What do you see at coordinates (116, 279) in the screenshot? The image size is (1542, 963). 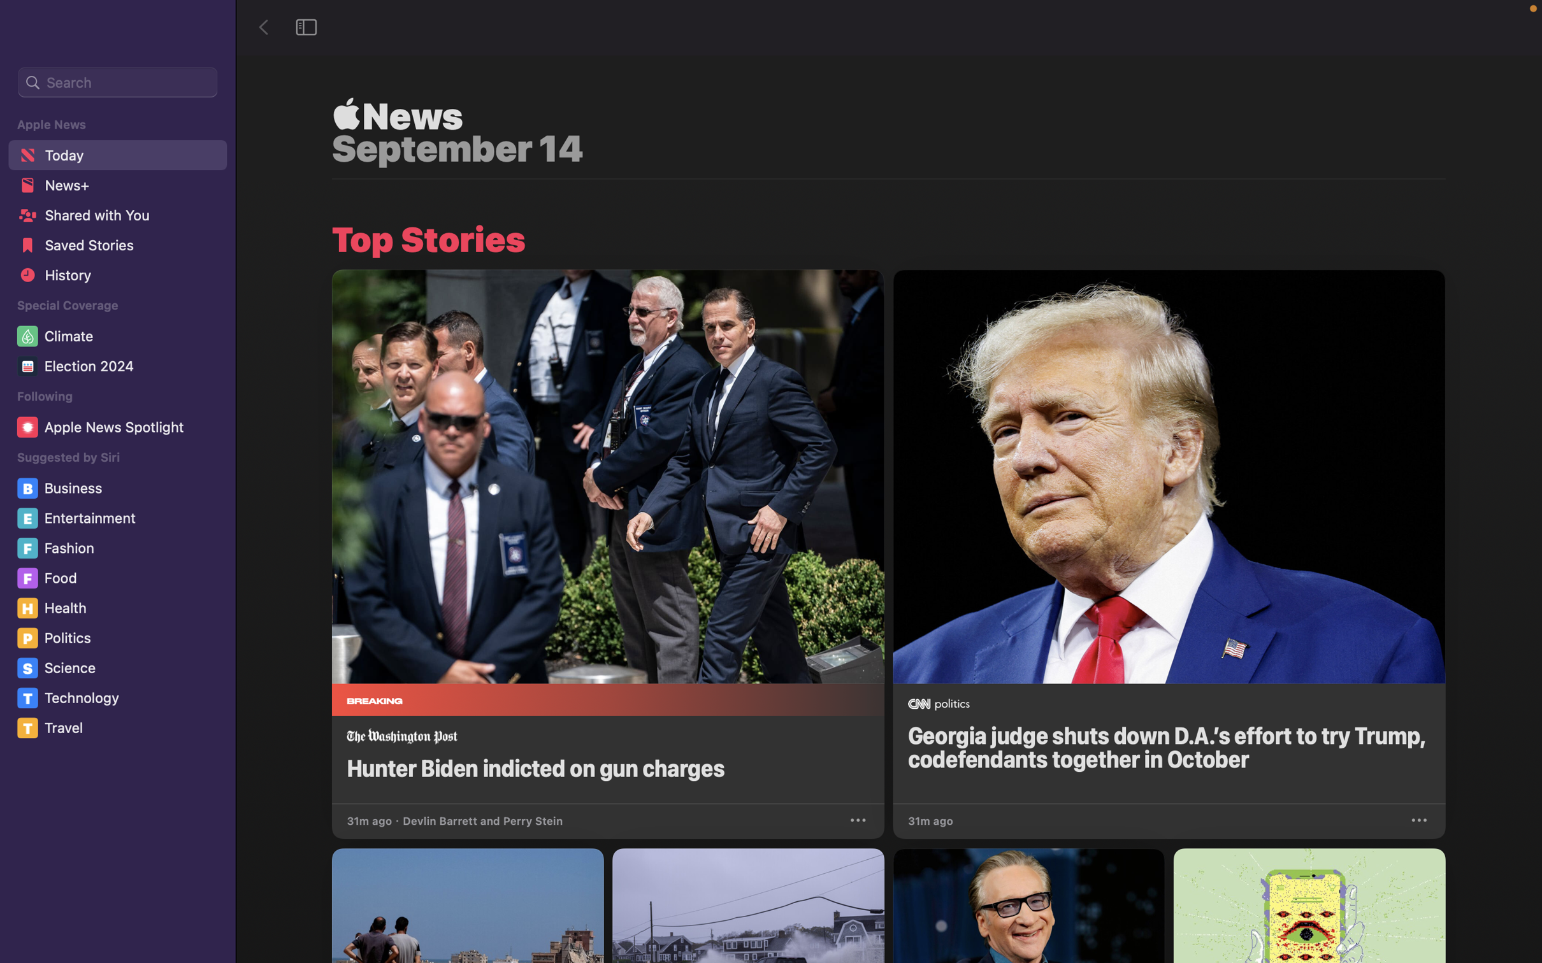 I see `the "History" tab` at bounding box center [116, 279].